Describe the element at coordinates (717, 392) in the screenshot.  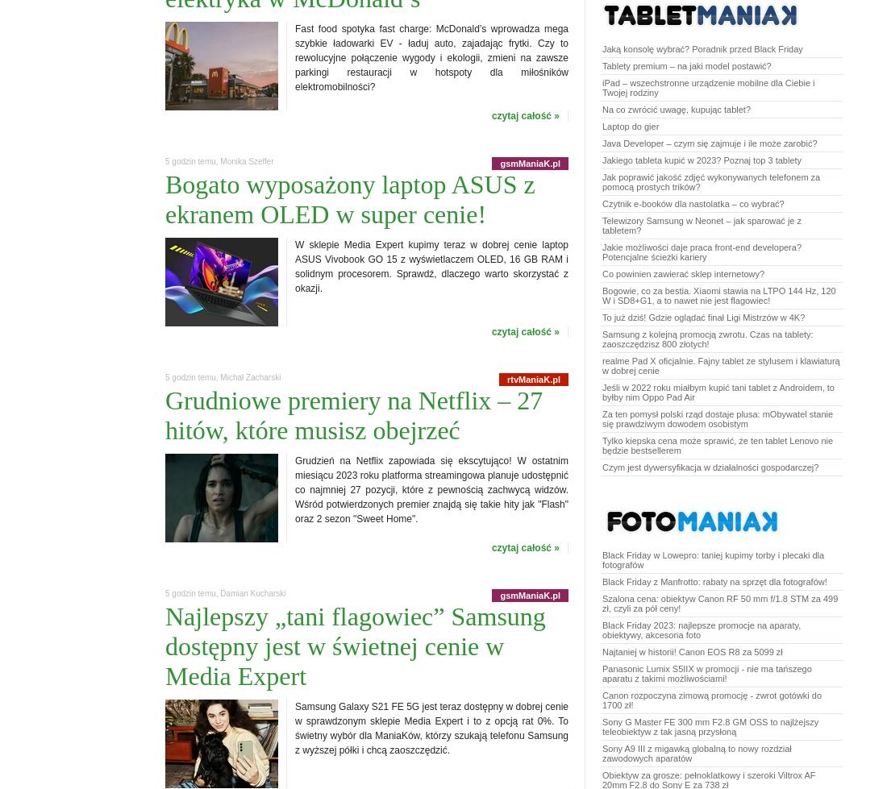
I see `'Jeśli w 2022 roku miałbym kupić tani tablet z Androidem, to byłby nim Oppo Pad Air'` at that location.